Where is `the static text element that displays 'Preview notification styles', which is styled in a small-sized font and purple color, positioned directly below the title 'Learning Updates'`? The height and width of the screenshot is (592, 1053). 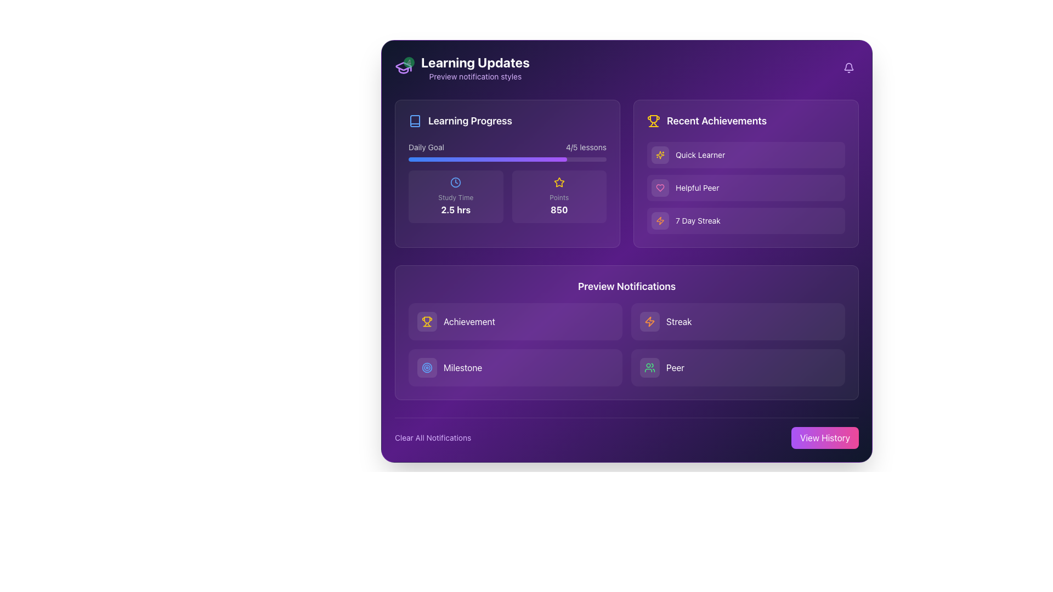 the static text element that displays 'Preview notification styles', which is styled in a small-sized font and purple color, positioned directly below the title 'Learning Updates' is located at coordinates (475, 76).